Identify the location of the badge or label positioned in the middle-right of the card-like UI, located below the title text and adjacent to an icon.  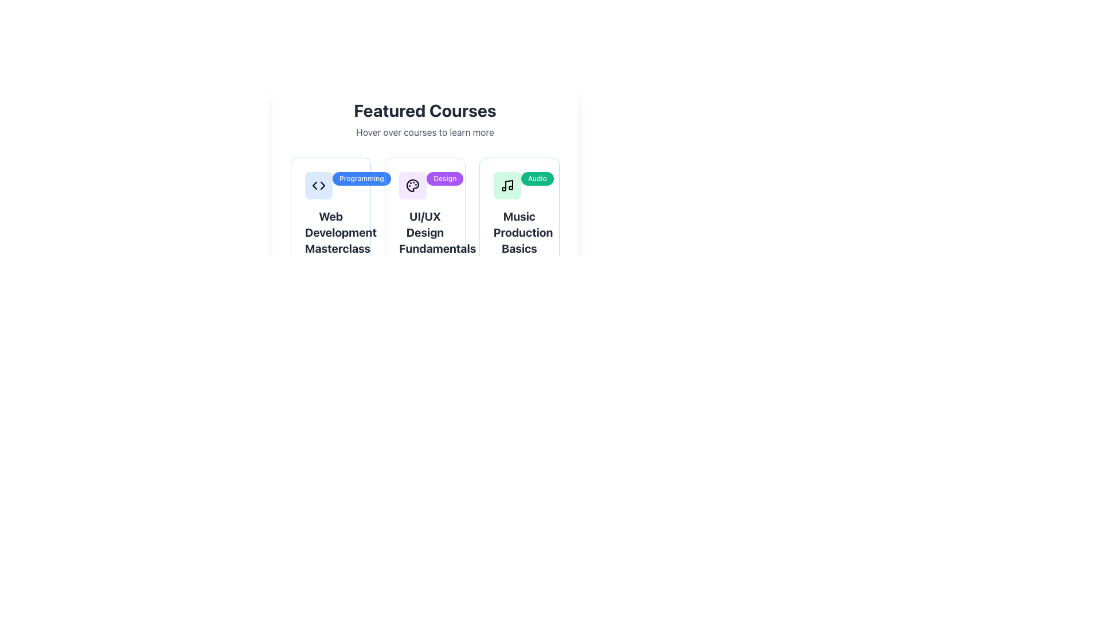
(361, 179).